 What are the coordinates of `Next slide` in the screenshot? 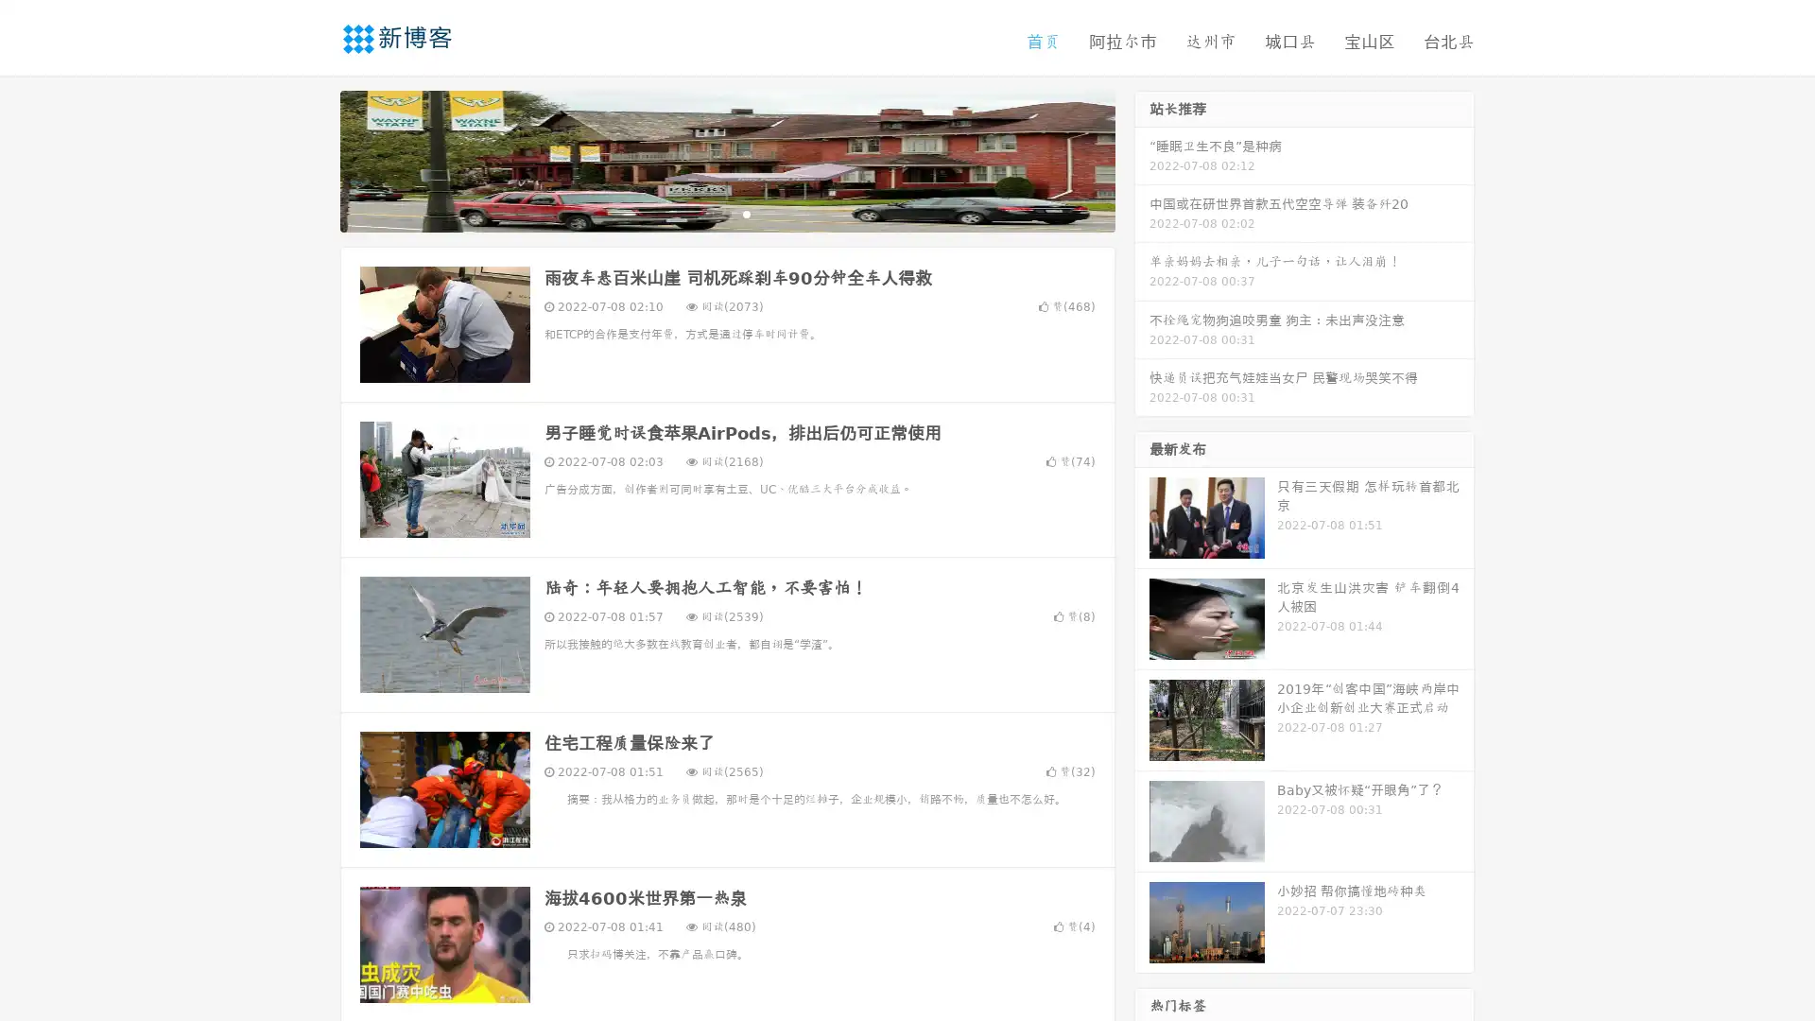 It's located at (1142, 159).